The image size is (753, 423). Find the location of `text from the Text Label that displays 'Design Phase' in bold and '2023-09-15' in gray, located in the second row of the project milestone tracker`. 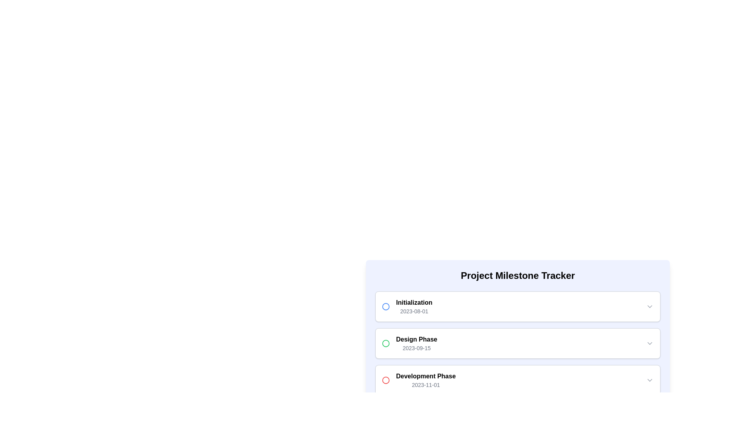

text from the Text Label that displays 'Design Phase' in bold and '2023-09-15' in gray, located in the second row of the project milestone tracker is located at coordinates (416, 343).